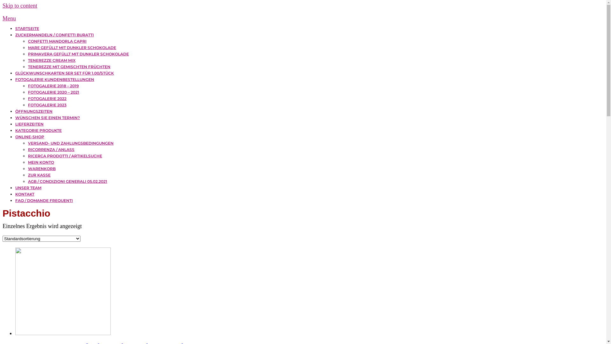 Image resolution: width=611 pixels, height=344 pixels. What do you see at coordinates (29, 124) in the screenshot?
I see `'LIEFERZEITEN'` at bounding box center [29, 124].